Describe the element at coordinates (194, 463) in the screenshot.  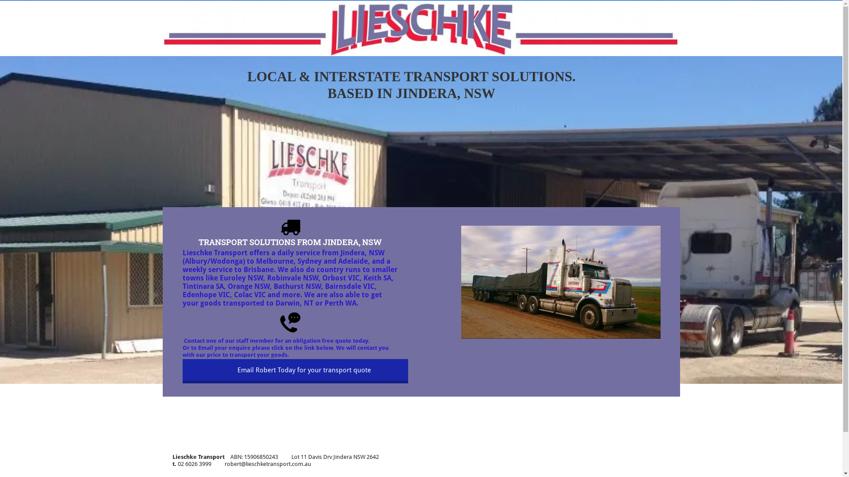
I see `'02 6026 3999'` at that location.